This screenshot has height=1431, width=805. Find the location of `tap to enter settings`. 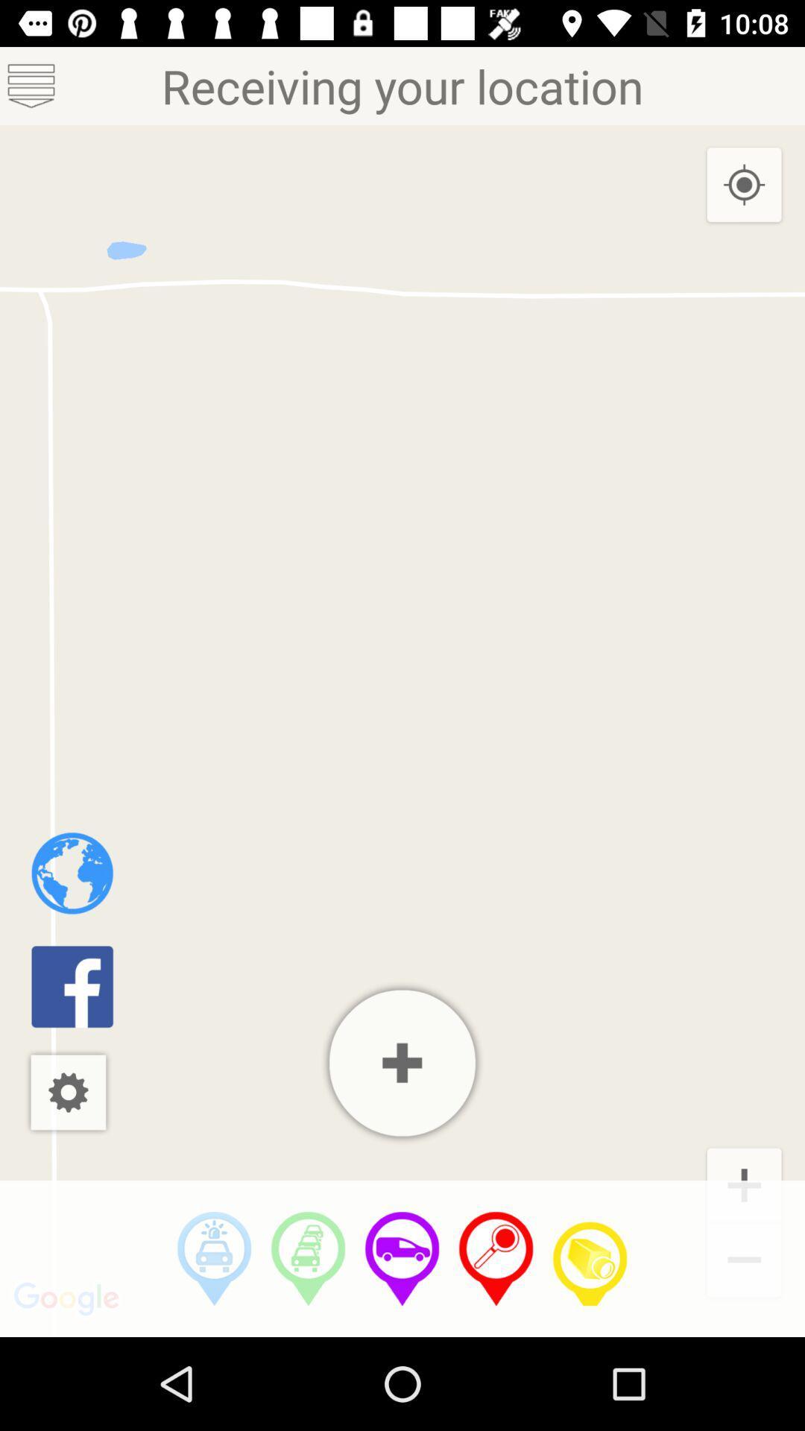

tap to enter settings is located at coordinates (68, 1092).